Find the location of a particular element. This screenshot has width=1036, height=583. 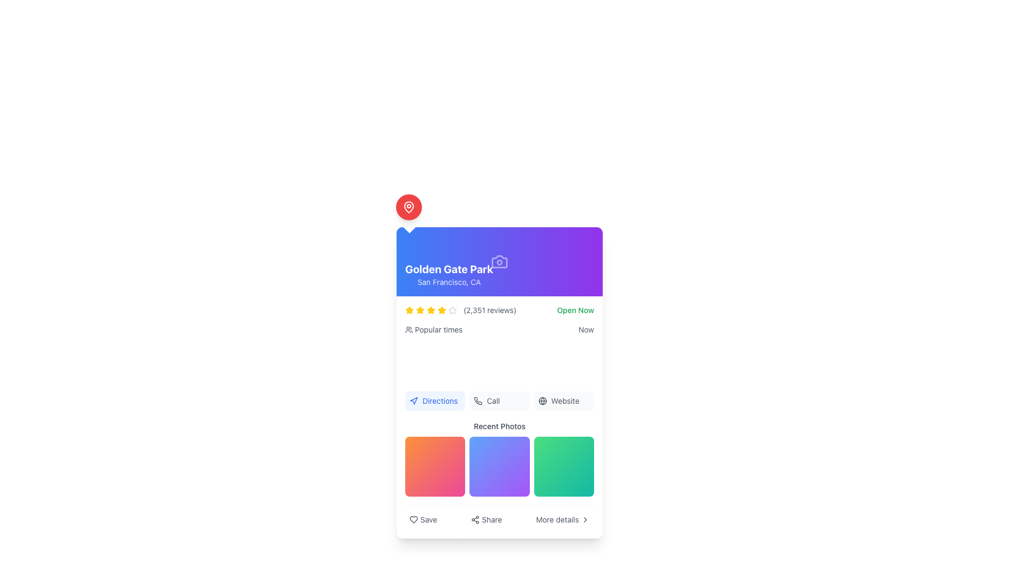

the heart icon located within the 'Save' button, positioned to the left of the text 'Save' at the bottom-left of the card interface is located at coordinates (413, 519).